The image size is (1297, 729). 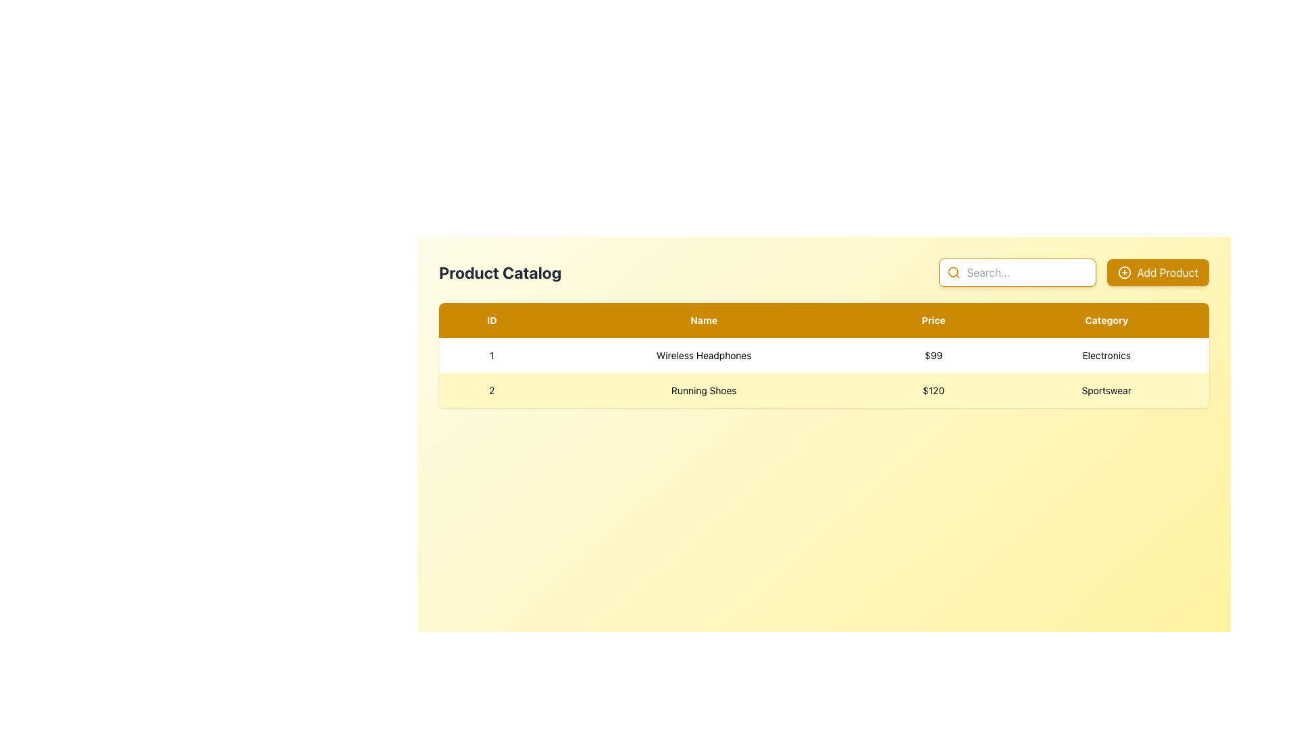 What do you see at coordinates (953, 273) in the screenshot?
I see `the yellow search icon resembling a magnifying glass, which is positioned to the far left of the search input box` at bounding box center [953, 273].